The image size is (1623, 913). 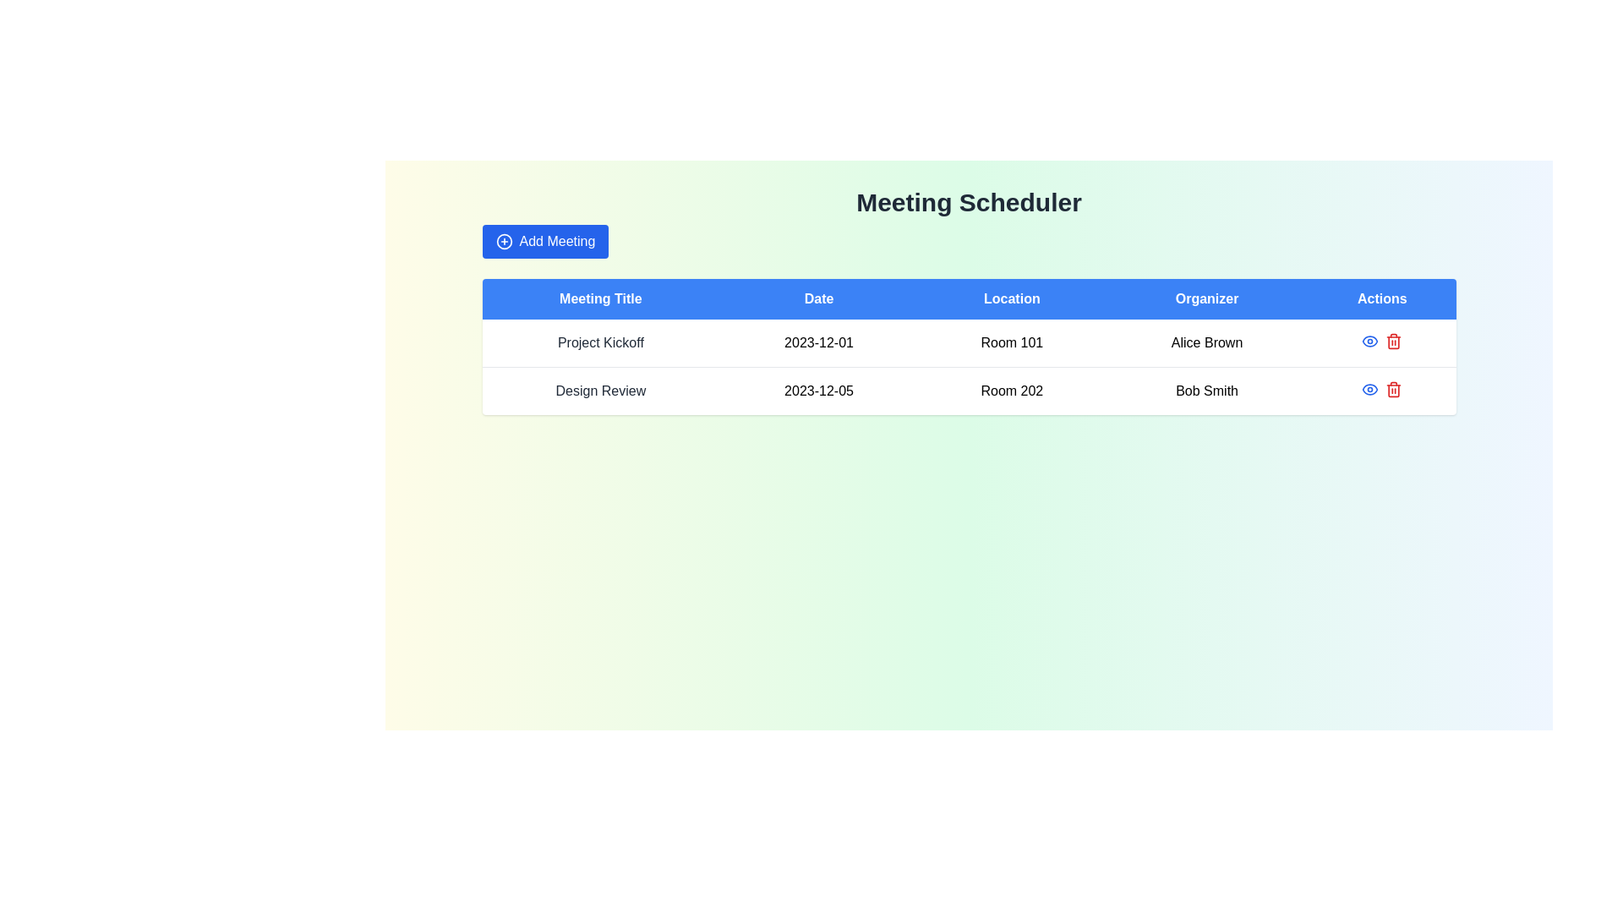 I want to click on the second header cell in the table, which indicates date-related information, positioned between 'Meeting Title' and 'Location', so click(x=819, y=298).